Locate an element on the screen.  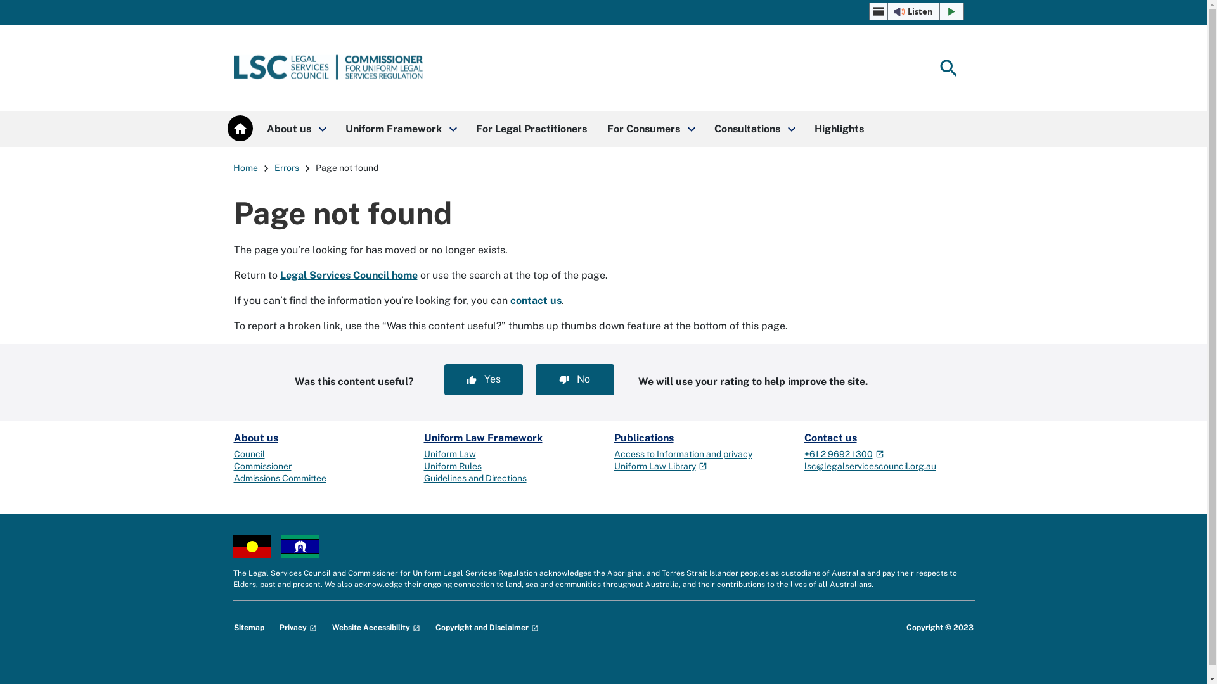
'Commissioner' is located at coordinates (261, 466).